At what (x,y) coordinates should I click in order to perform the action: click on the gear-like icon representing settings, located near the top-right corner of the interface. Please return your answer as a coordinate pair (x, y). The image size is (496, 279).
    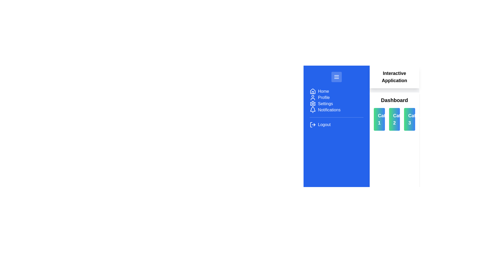
    Looking at the image, I should click on (312, 104).